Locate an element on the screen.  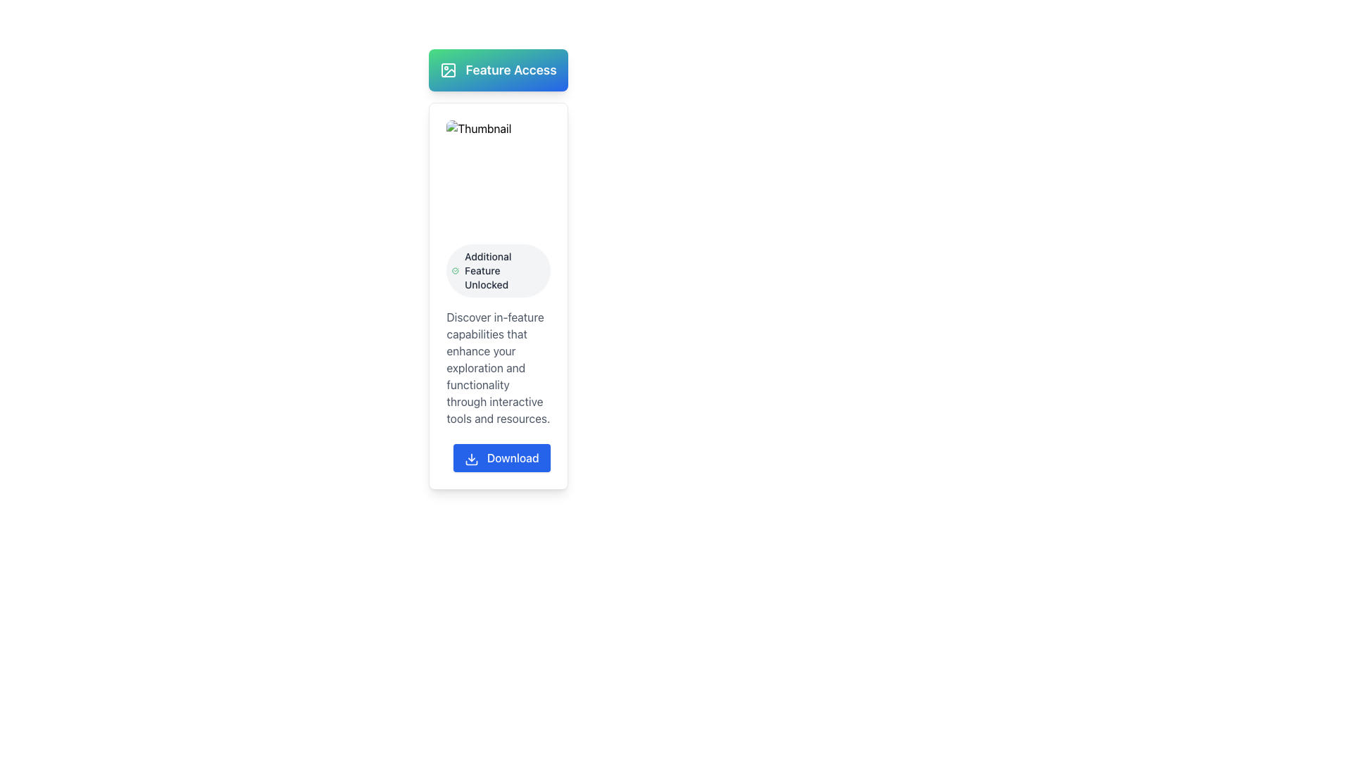
the lower arc component of the download icon, which is part of a graphical representation within a blue button near the bottom of the card interface is located at coordinates (471, 462).